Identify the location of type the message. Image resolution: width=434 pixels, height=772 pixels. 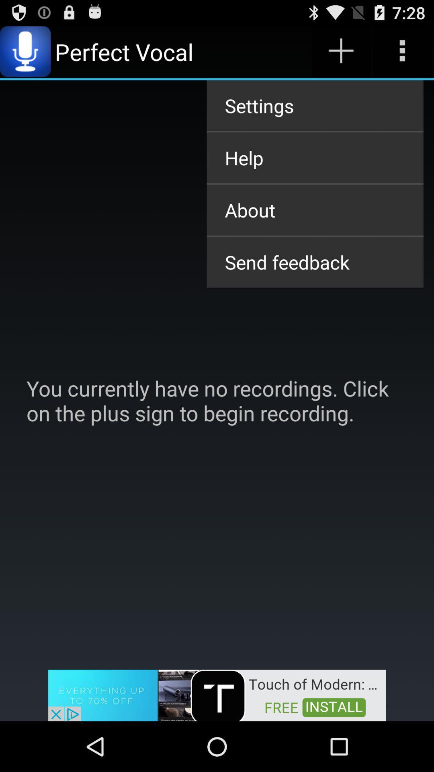
(402, 51).